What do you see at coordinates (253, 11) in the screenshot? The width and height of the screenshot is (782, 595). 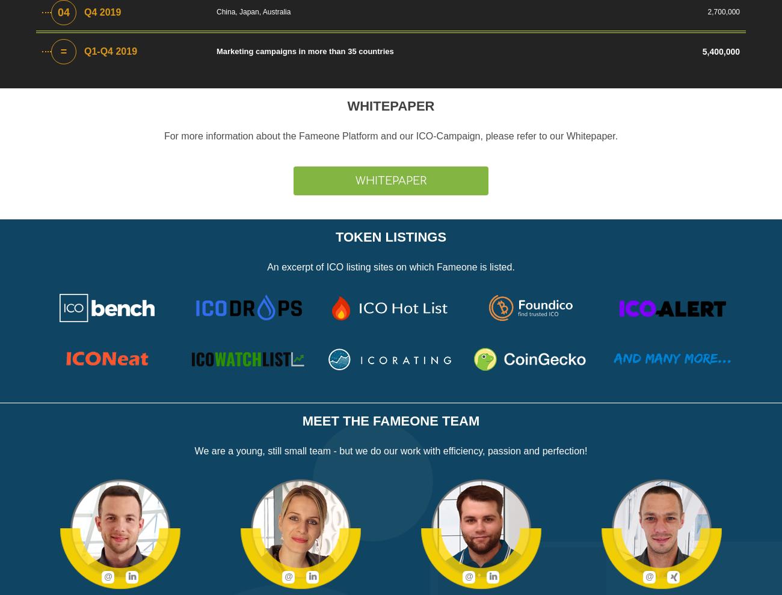 I see `'China, Japan, Australia'` at bounding box center [253, 11].